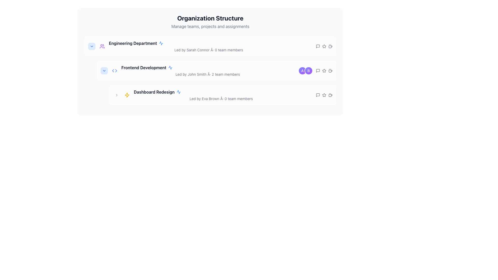 The height and width of the screenshot is (280, 498). What do you see at coordinates (116, 71) in the screenshot?
I see `the SVG graphical component indicating interactivity for the 'Frontend Development' section, located in the left region of the second group` at bounding box center [116, 71].